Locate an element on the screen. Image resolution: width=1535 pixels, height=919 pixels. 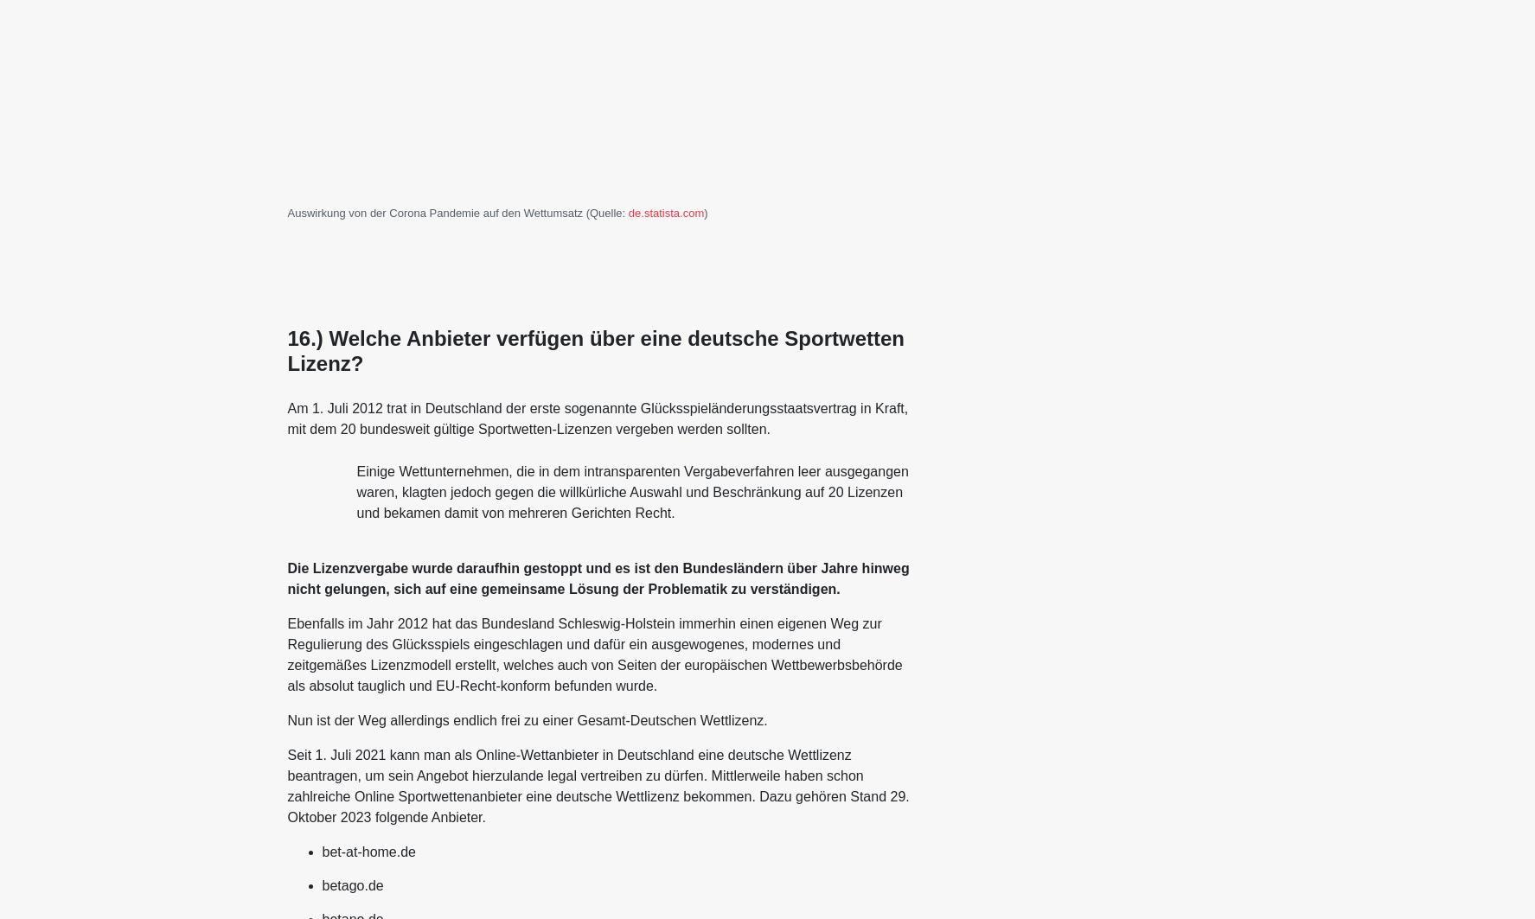
'Auswirkung von der Corona Pandemie auf den Wettumsatz (Quelle:' is located at coordinates (285, 213).